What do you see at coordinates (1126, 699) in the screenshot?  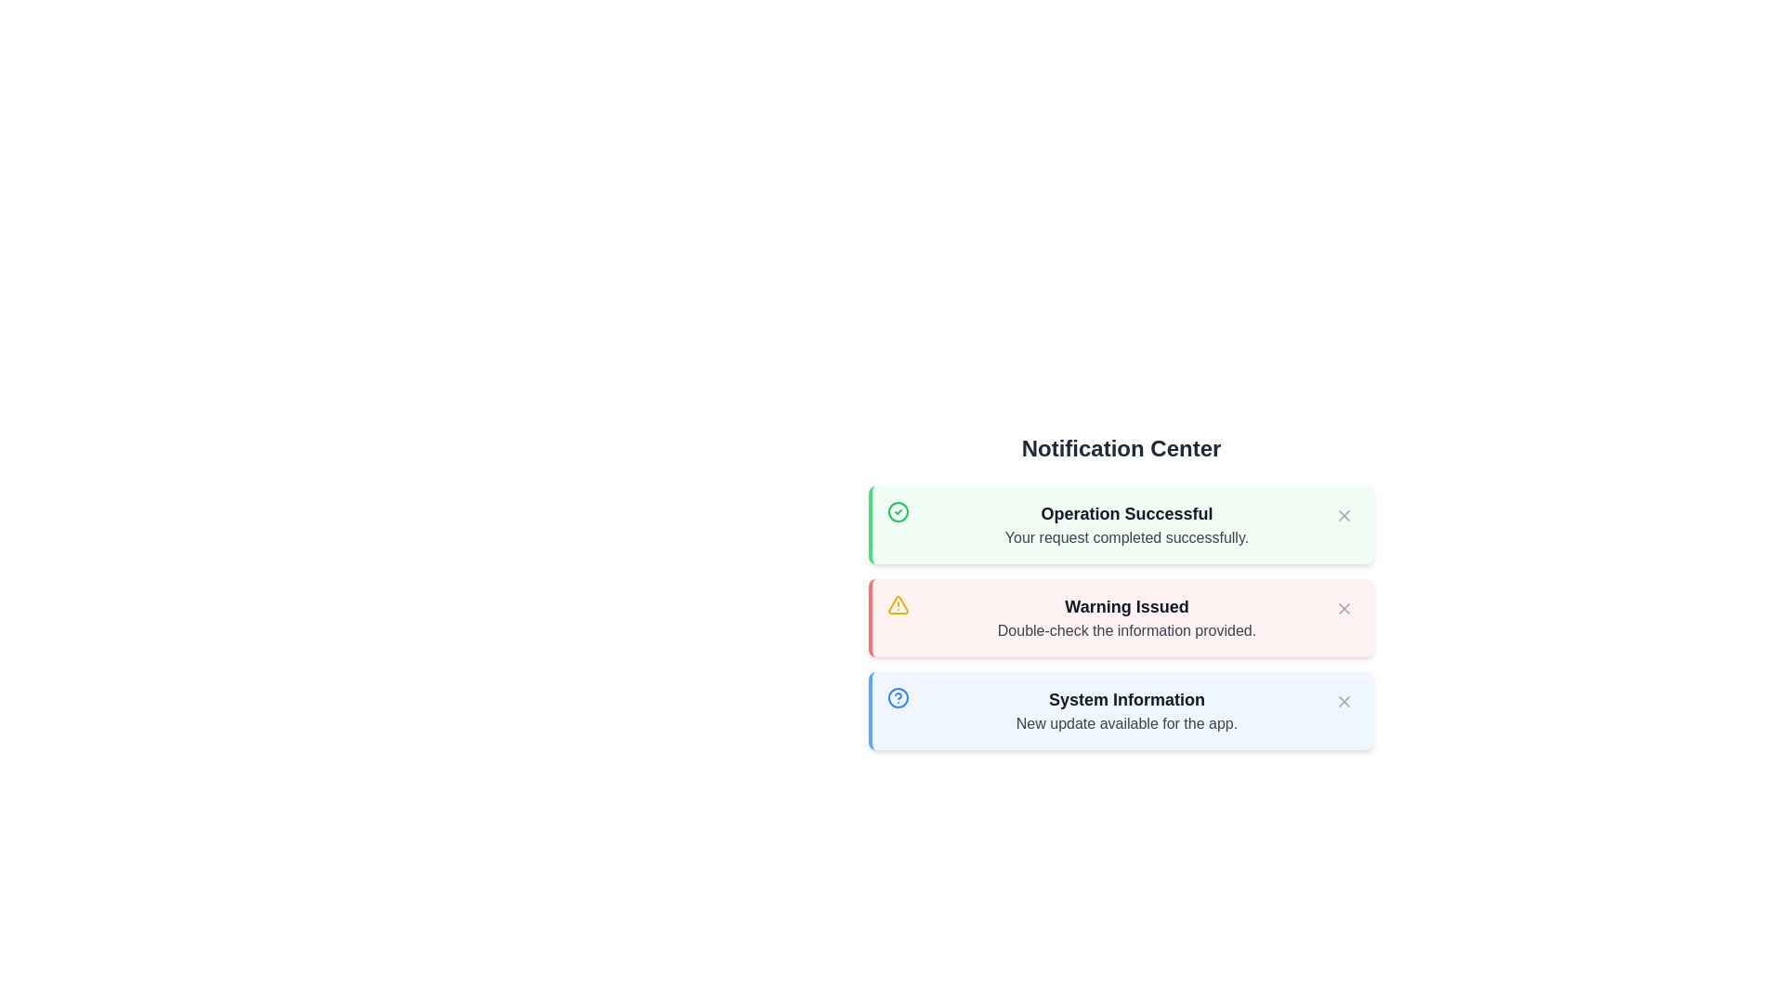 I see `the title text in the third card of the notification section that summarizes system-related notifications or updates` at bounding box center [1126, 699].